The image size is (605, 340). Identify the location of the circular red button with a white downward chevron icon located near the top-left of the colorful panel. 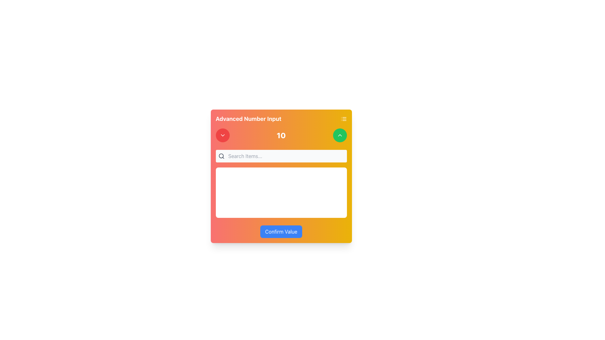
(222, 135).